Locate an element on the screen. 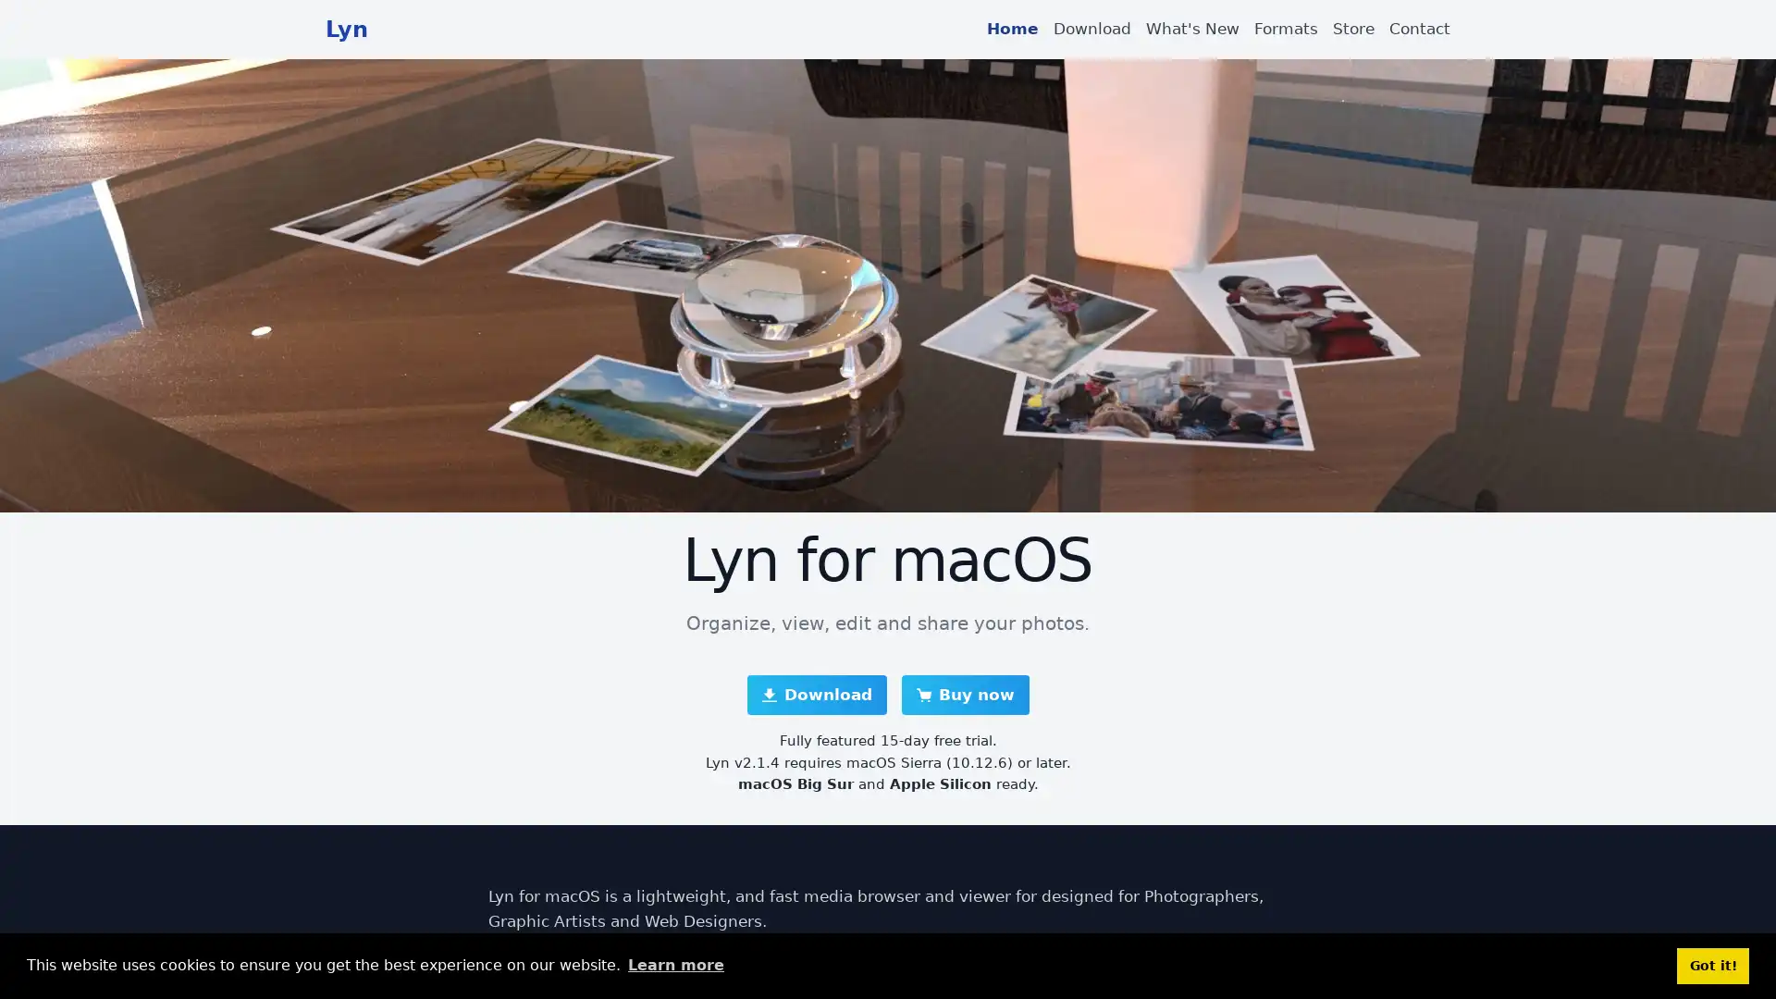 Image resolution: width=1776 pixels, height=999 pixels. learn more about cookies is located at coordinates (674, 965).